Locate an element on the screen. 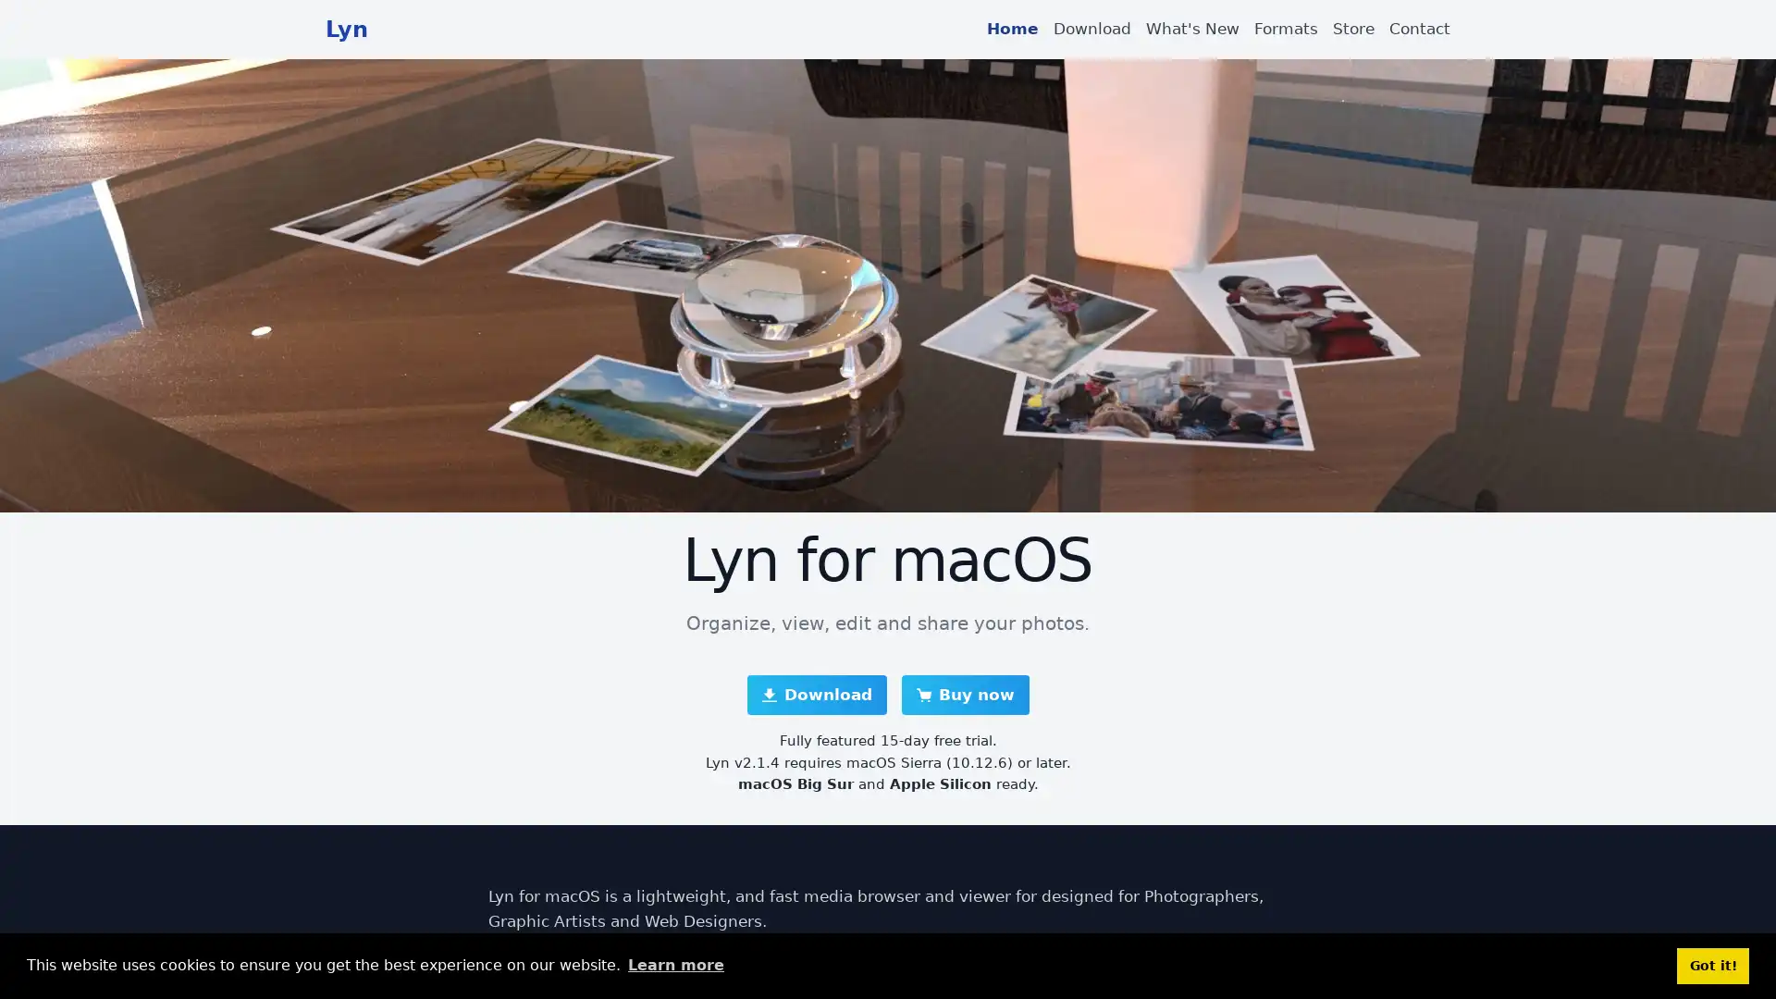 Image resolution: width=1776 pixels, height=999 pixels. learn more about cookies is located at coordinates (674, 965).